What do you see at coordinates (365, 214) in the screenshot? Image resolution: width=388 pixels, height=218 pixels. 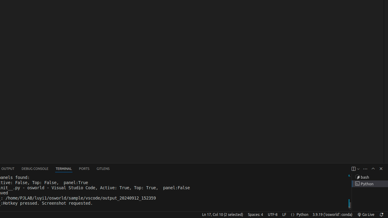 I see `'broadcast Go Live, Click to run live server'` at bounding box center [365, 214].